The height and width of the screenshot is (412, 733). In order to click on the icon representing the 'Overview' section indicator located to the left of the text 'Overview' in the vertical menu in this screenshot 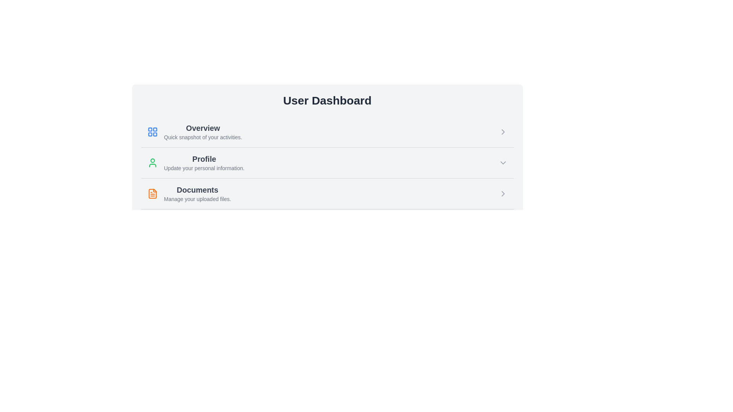, I will do `click(152, 132)`.